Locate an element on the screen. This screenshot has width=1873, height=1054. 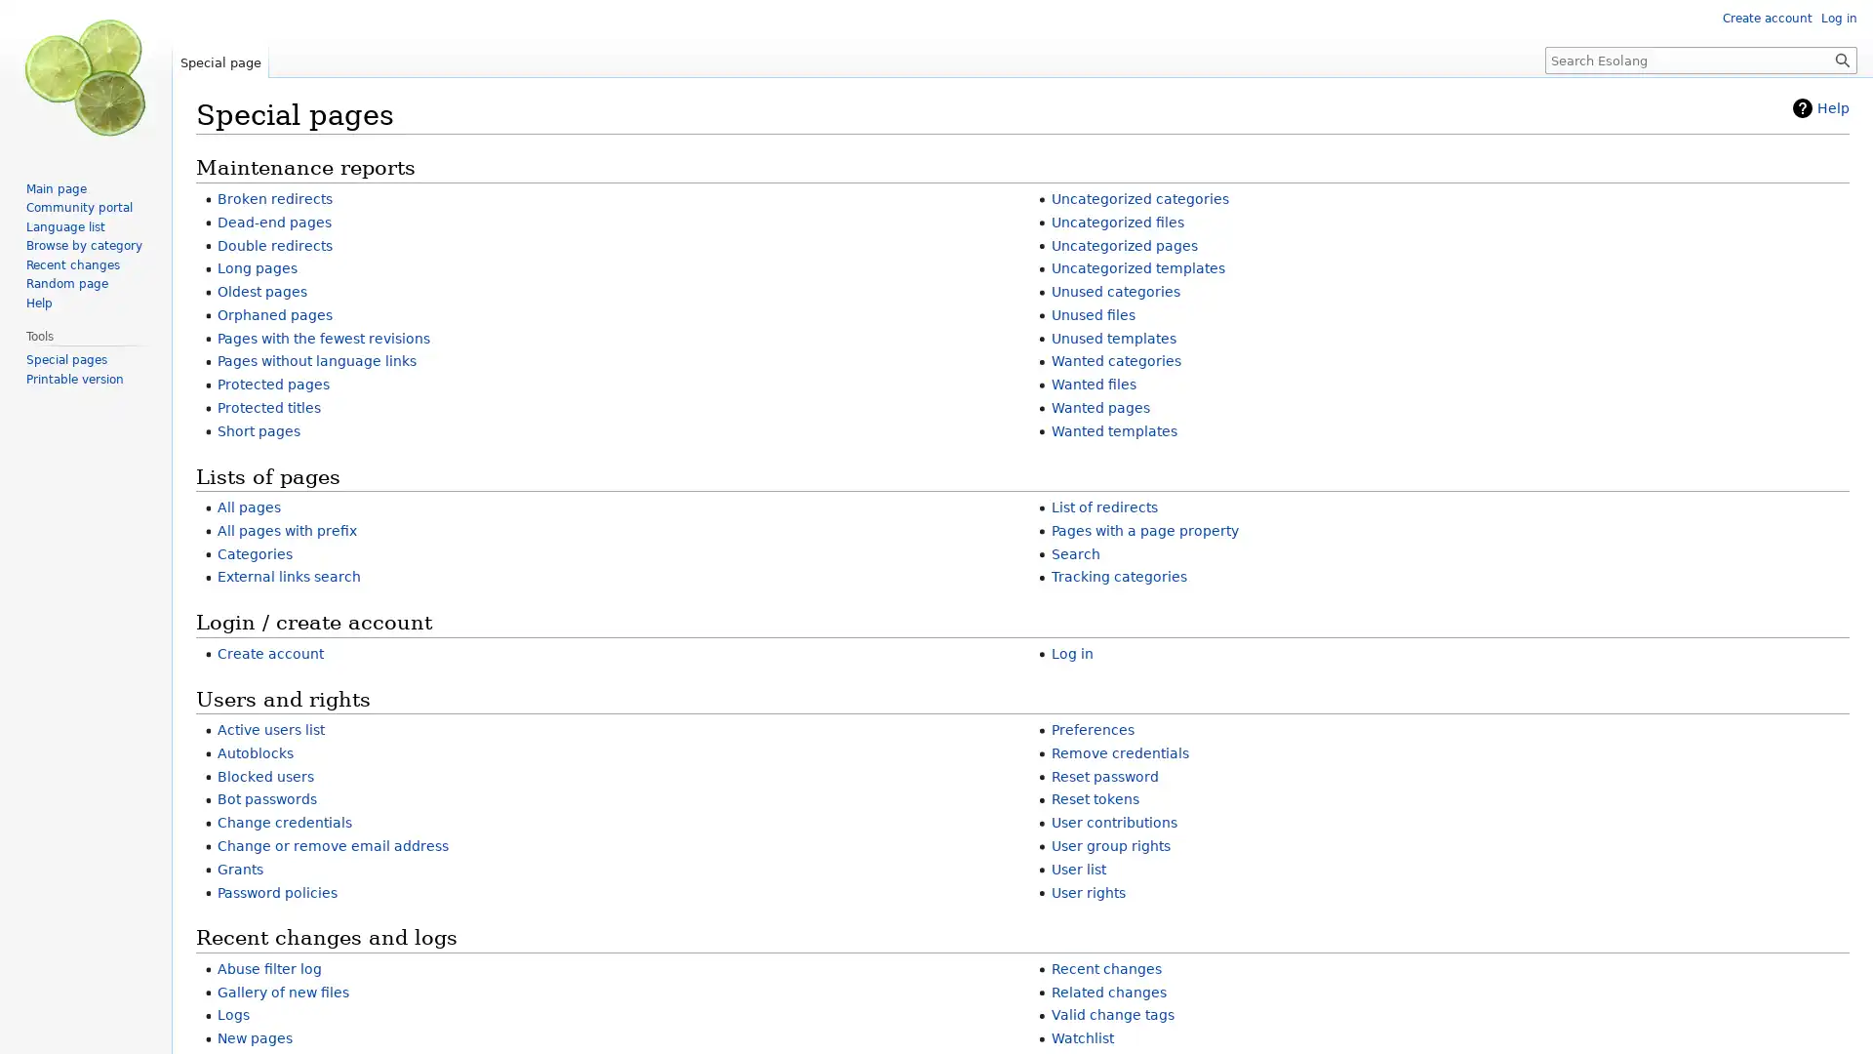
Search is located at coordinates (1842, 59).